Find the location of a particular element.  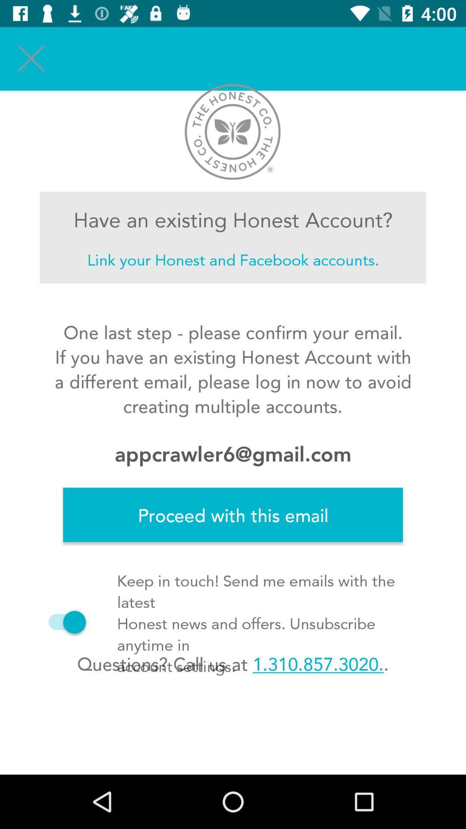

the icon below proceed with this icon is located at coordinates (63, 622).